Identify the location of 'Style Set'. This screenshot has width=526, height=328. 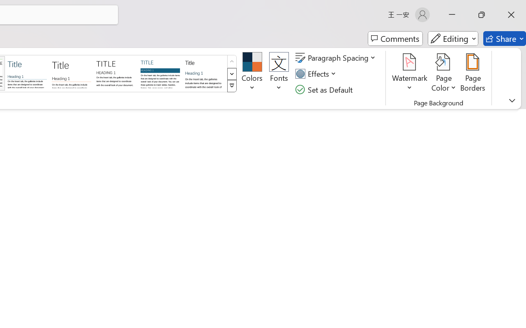
(231, 86).